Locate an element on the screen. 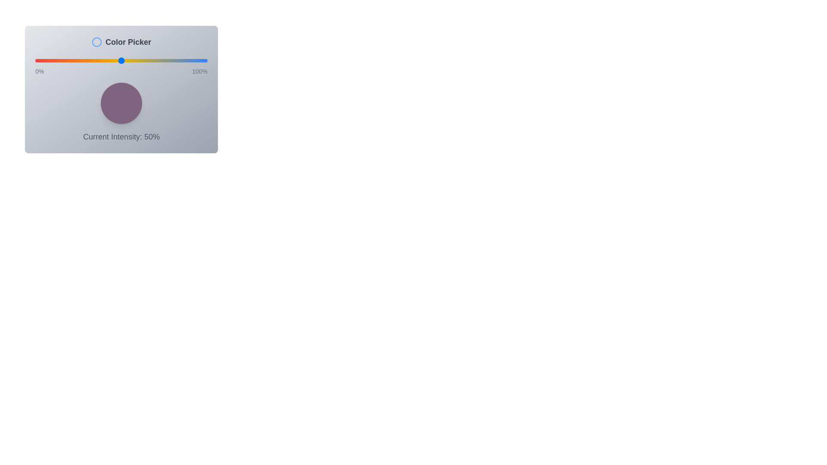  the intensity slider to 33% is located at coordinates (92, 60).